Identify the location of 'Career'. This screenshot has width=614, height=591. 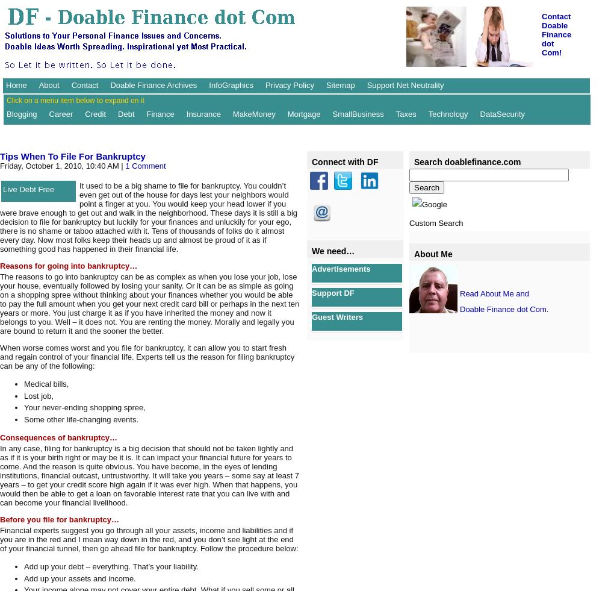
(60, 113).